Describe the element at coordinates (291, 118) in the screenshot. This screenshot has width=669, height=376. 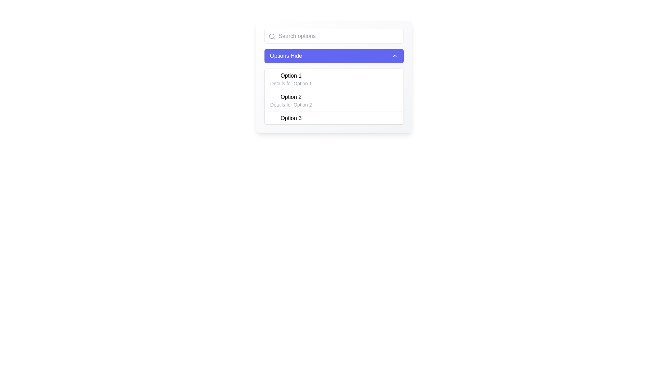
I see `text of the label displaying 'Option 3' which is styled in black within the dropdown menu` at that location.